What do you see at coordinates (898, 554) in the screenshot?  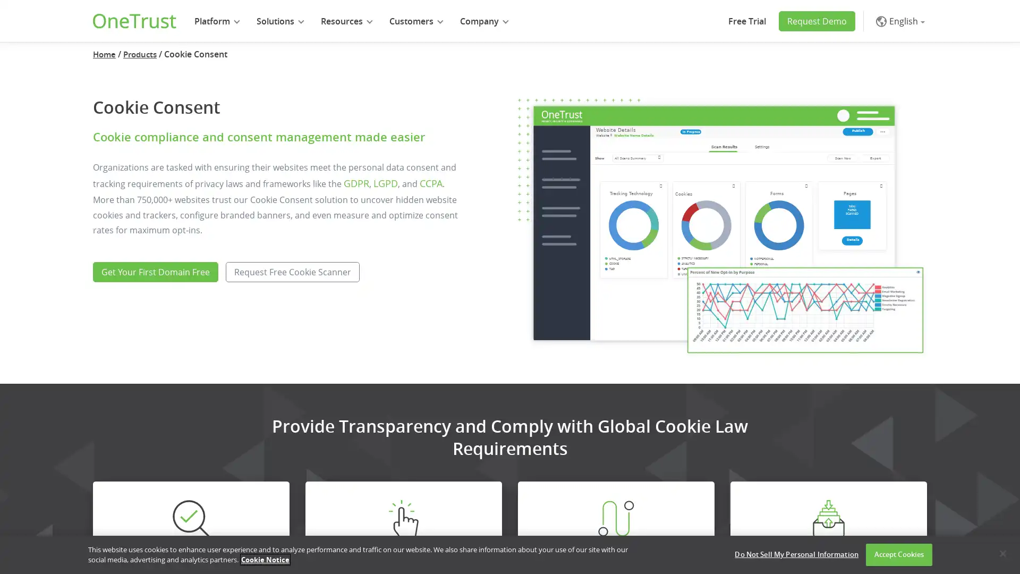 I see `Accept Cookies` at bounding box center [898, 554].